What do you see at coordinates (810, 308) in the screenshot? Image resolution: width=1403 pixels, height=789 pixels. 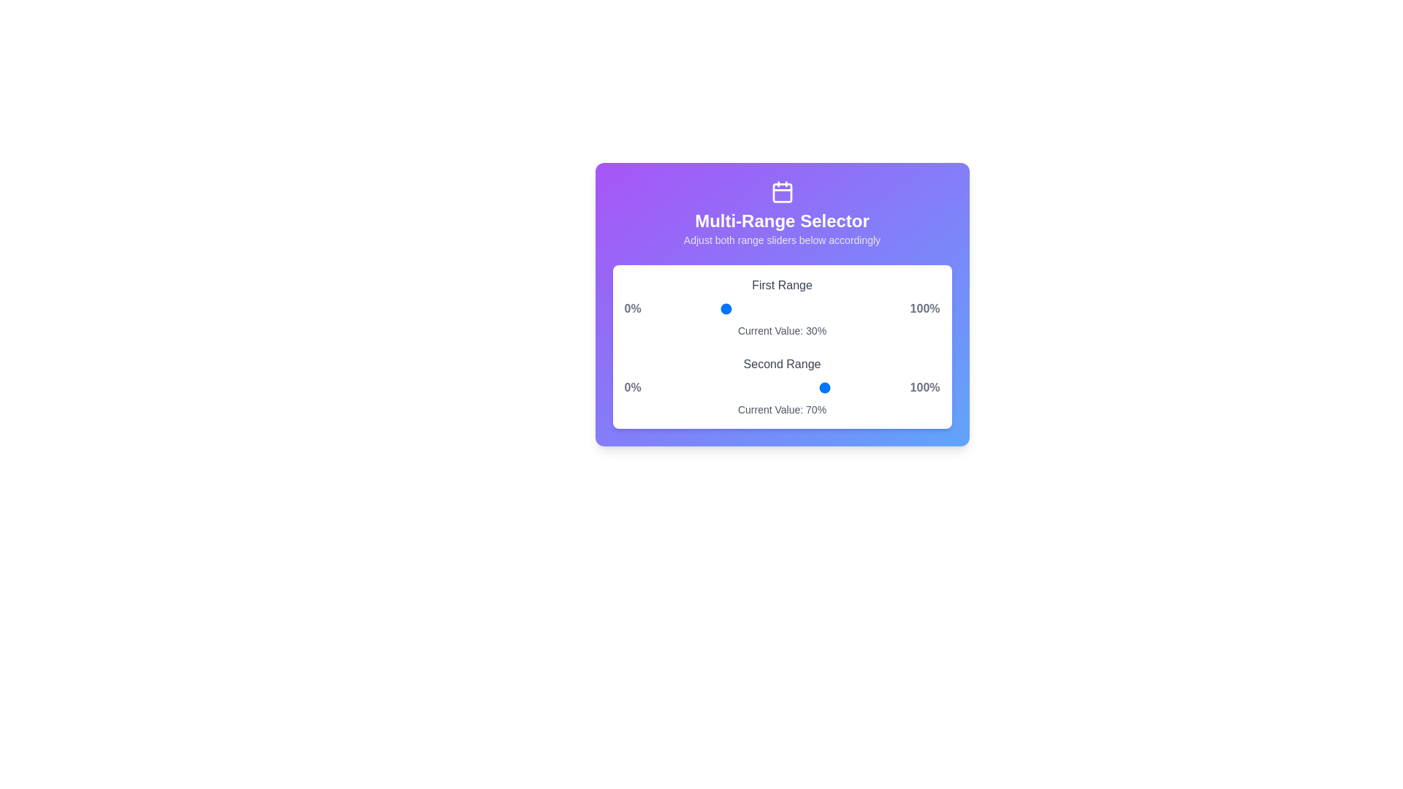 I see `the slider value` at bounding box center [810, 308].